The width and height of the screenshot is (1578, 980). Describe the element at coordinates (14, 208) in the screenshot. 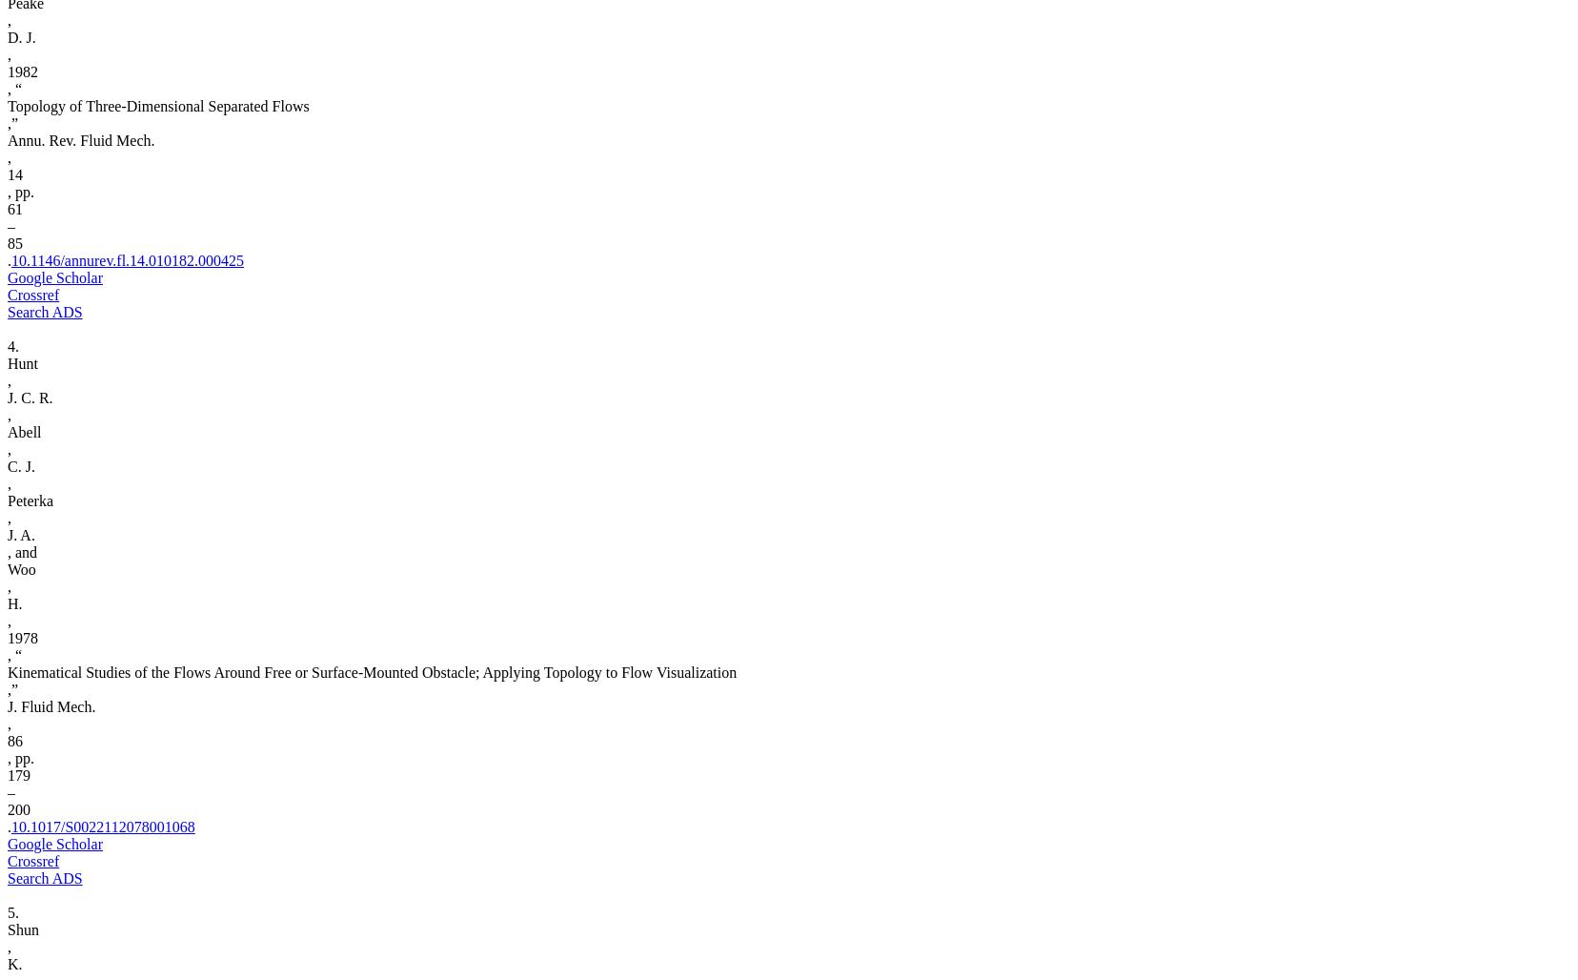

I see `'61'` at that location.